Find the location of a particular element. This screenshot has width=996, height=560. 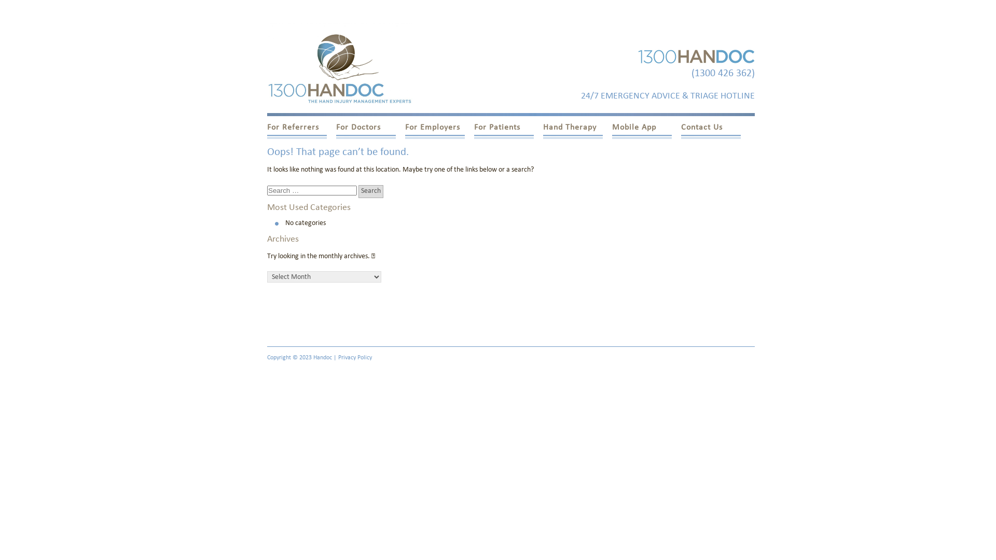

'For Doctors' is located at coordinates (366, 131).